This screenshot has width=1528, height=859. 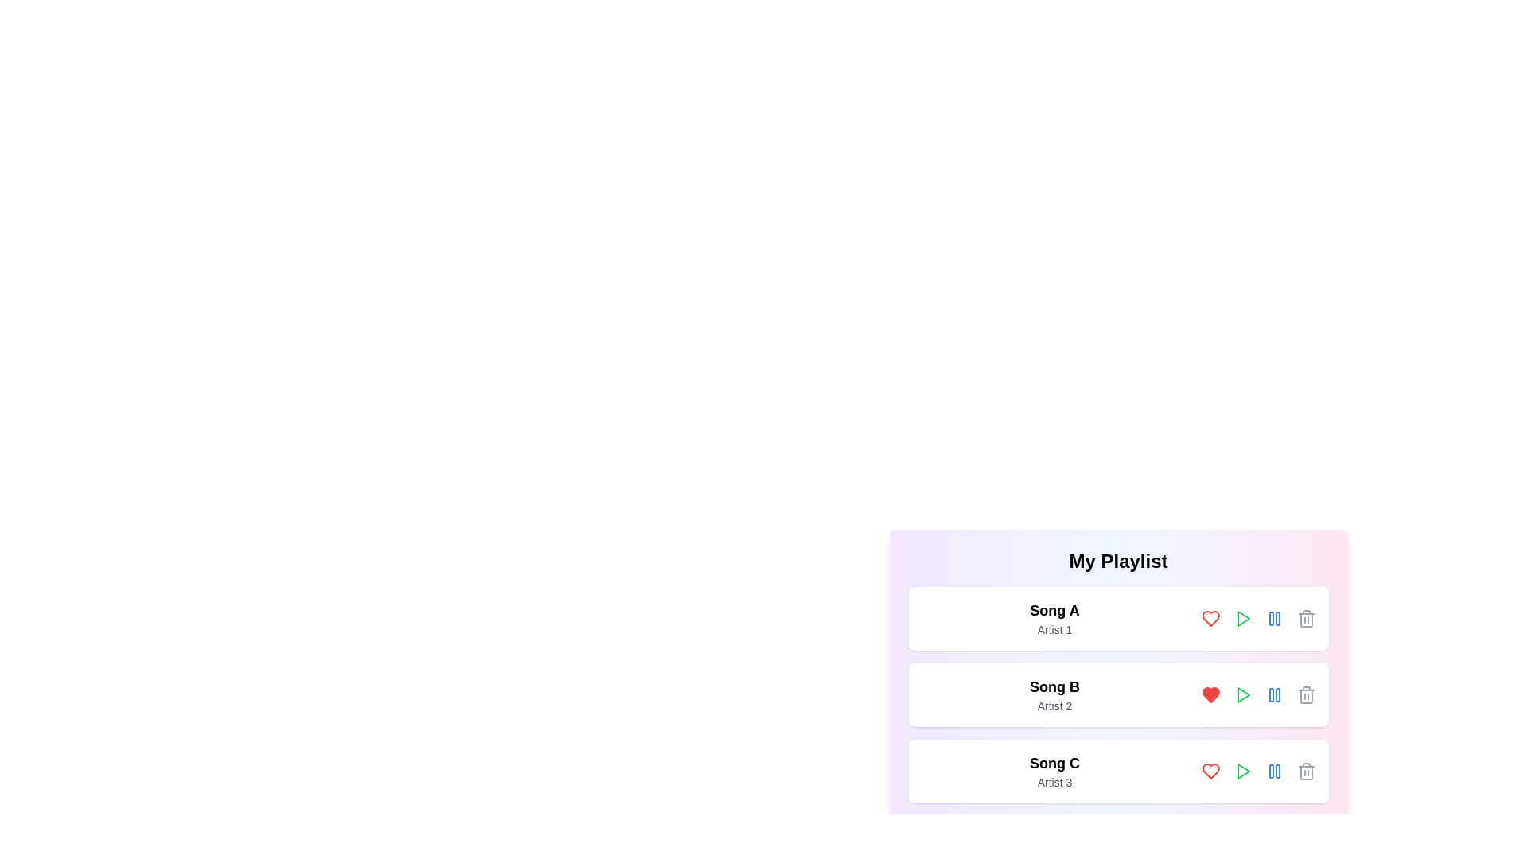 What do you see at coordinates (1306, 618) in the screenshot?
I see `the trash icon to remove the song Song A from the playlist` at bounding box center [1306, 618].